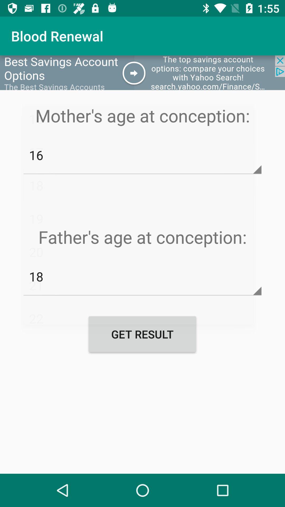  What do you see at coordinates (142, 334) in the screenshot?
I see `the get result item` at bounding box center [142, 334].